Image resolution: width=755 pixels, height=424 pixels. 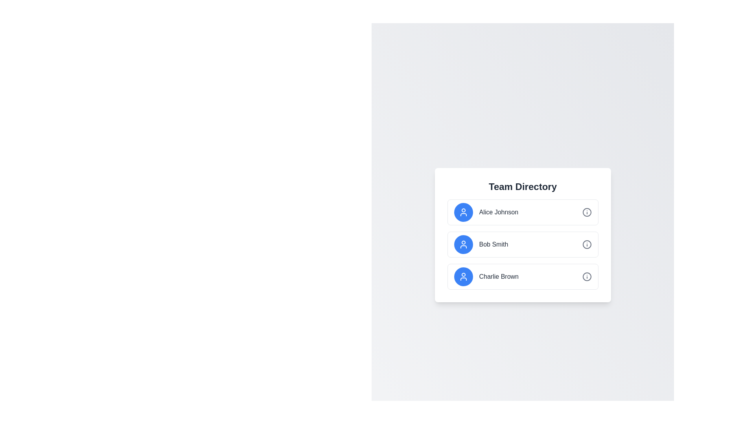 What do you see at coordinates (523, 212) in the screenshot?
I see `the List Item representing 'Alice Johnson' in the 'Team Directory' section` at bounding box center [523, 212].